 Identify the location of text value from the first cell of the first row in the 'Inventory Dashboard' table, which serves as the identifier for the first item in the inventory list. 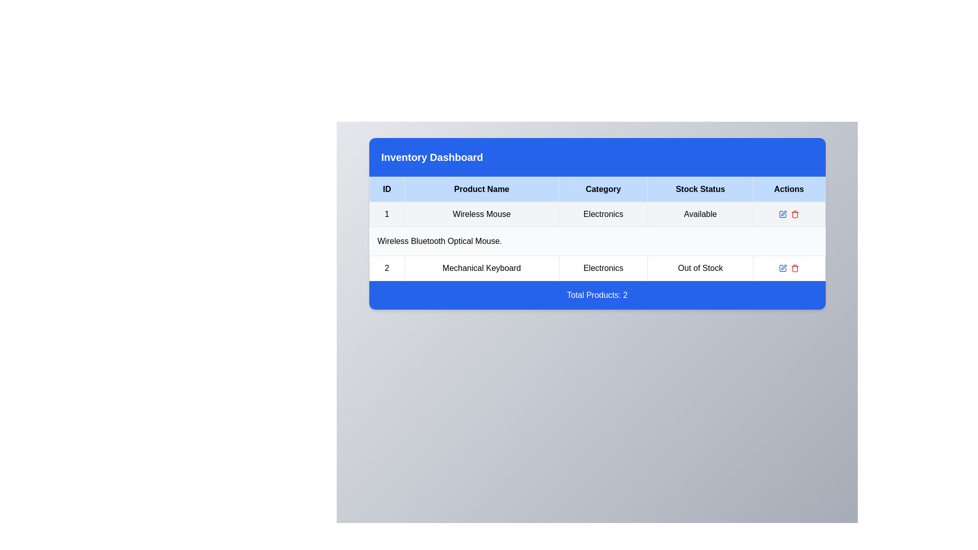
(386, 213).